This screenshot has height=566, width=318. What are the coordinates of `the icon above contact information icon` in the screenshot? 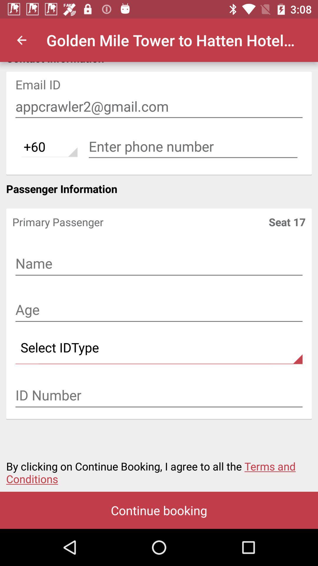 It's located at (21, 40).